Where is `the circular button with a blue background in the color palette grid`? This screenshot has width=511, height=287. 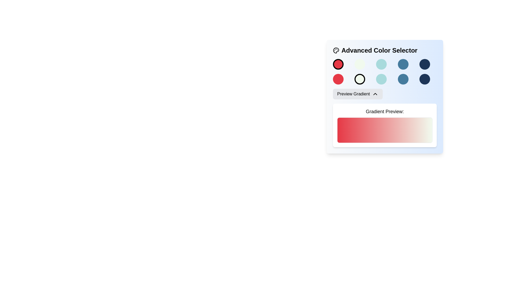 the circular button with a blue background in the color palette grid is located at coordinates (403, 64).